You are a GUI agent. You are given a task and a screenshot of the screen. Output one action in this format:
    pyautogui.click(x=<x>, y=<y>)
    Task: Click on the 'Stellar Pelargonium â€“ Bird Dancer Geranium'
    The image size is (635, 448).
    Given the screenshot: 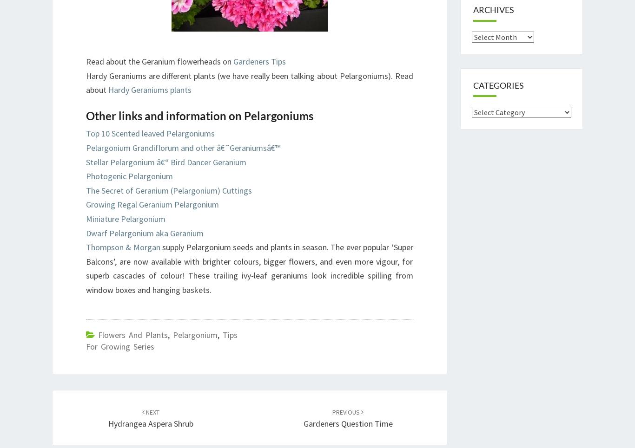 What is the action you would take?
    pyautogui.click(x=165, y=162)
    